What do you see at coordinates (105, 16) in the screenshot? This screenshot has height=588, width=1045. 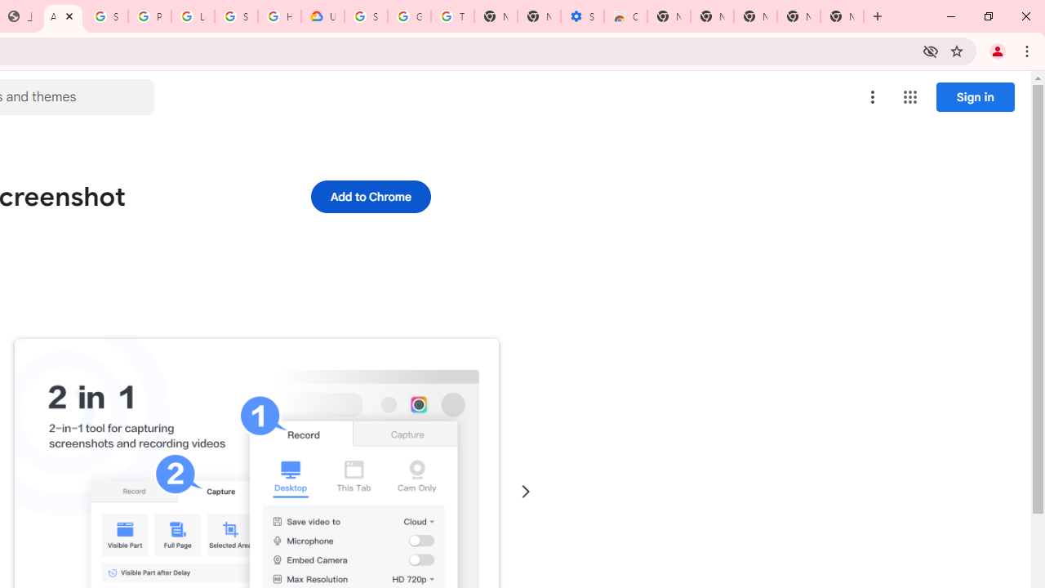 I see `'Sign in - Google Accounts'` at bounding box center [105, 16].